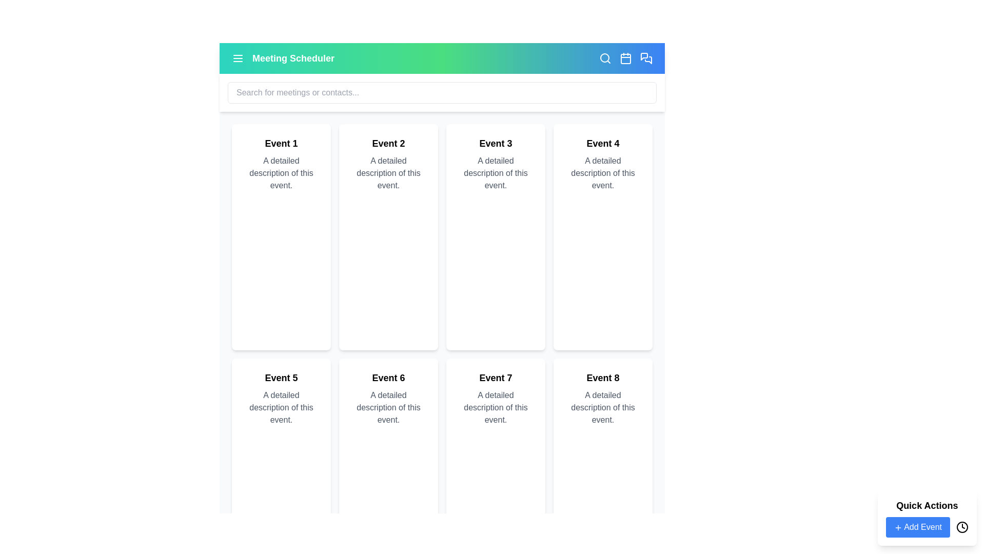  Describe the element at coordinates (918, 527) in the screenshot. I see `the rectangular button with a blue background and white text displaying '+ Add Event.' located in the bottom-right corner under the 'Quick Actions' title to initiate adding a new event` at that location.